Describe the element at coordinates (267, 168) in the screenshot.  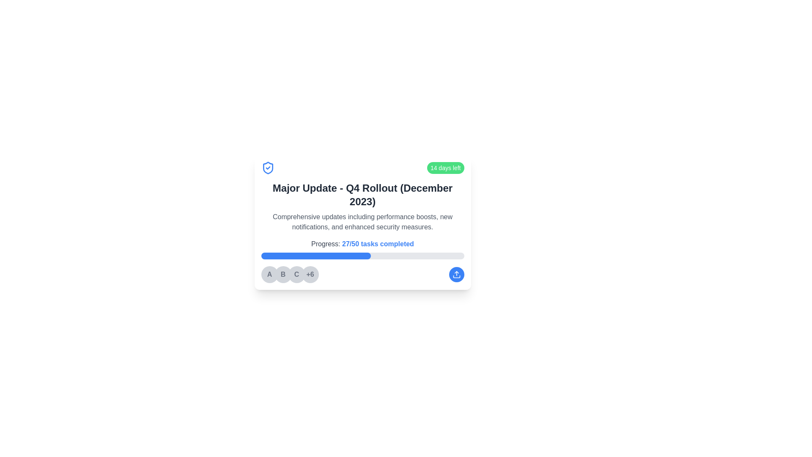
I see `the secure or verified state icon located at the top-left corner of the rectangular card interface, positioned next to a smaller checkmark component inside the shield` at that location.